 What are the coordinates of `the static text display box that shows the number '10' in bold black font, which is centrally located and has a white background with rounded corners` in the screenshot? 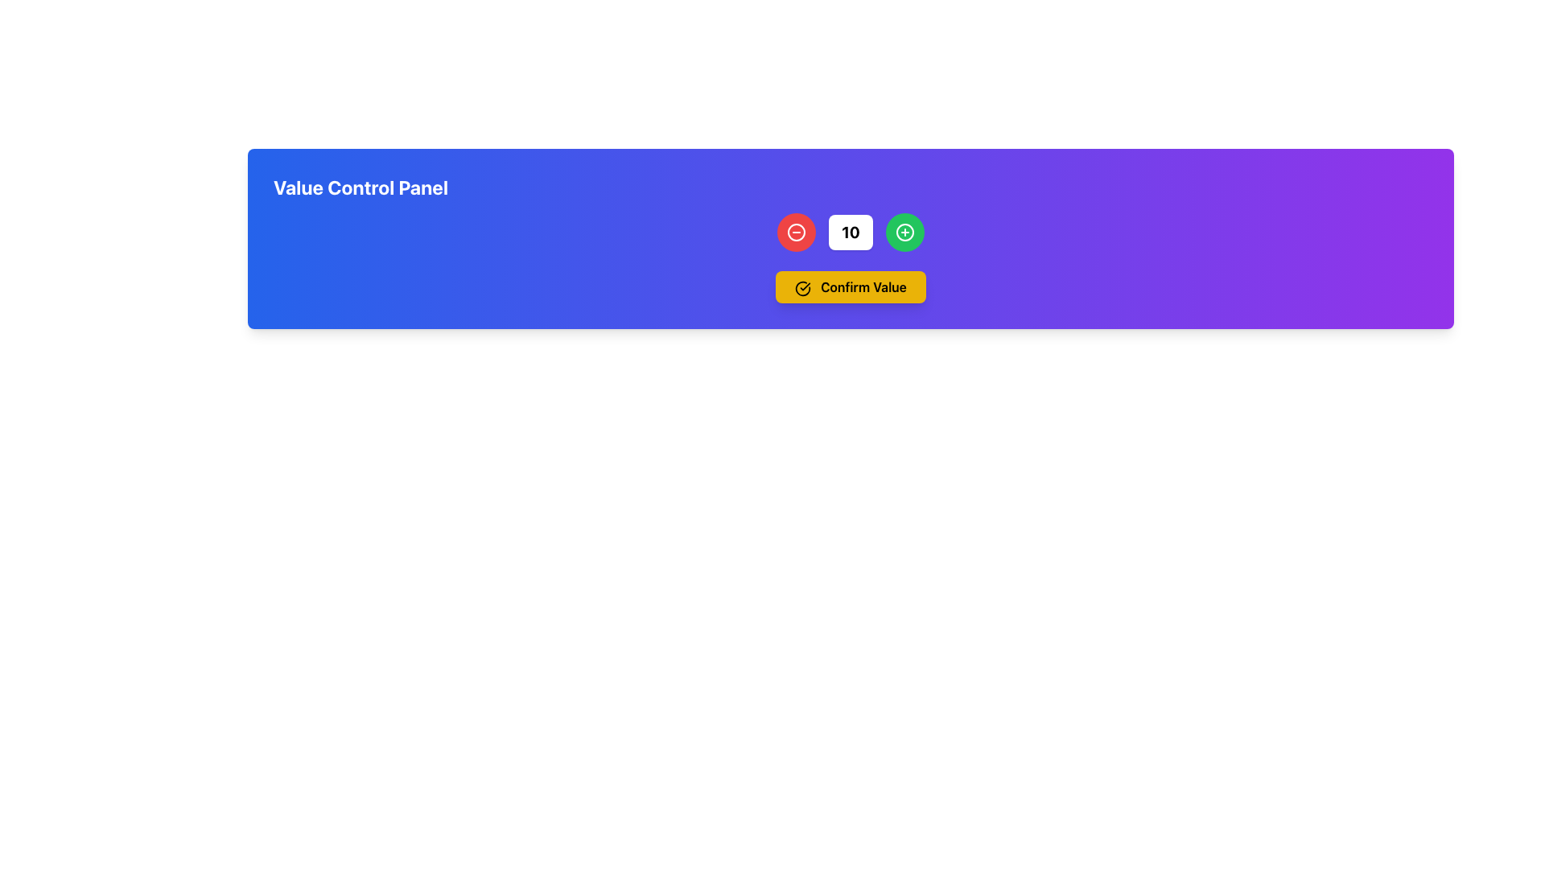 It's located at (850, 233).